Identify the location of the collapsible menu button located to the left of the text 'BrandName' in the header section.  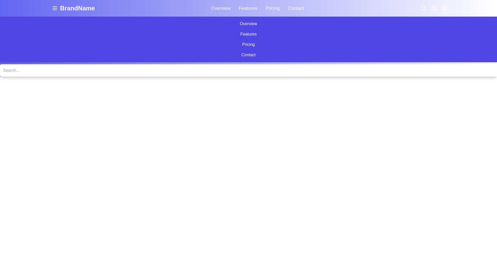
(55, 8).